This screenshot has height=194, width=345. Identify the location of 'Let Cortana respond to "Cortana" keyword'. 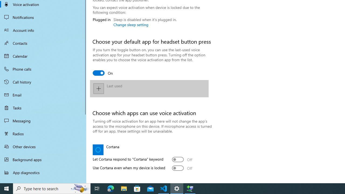
(182, 159).